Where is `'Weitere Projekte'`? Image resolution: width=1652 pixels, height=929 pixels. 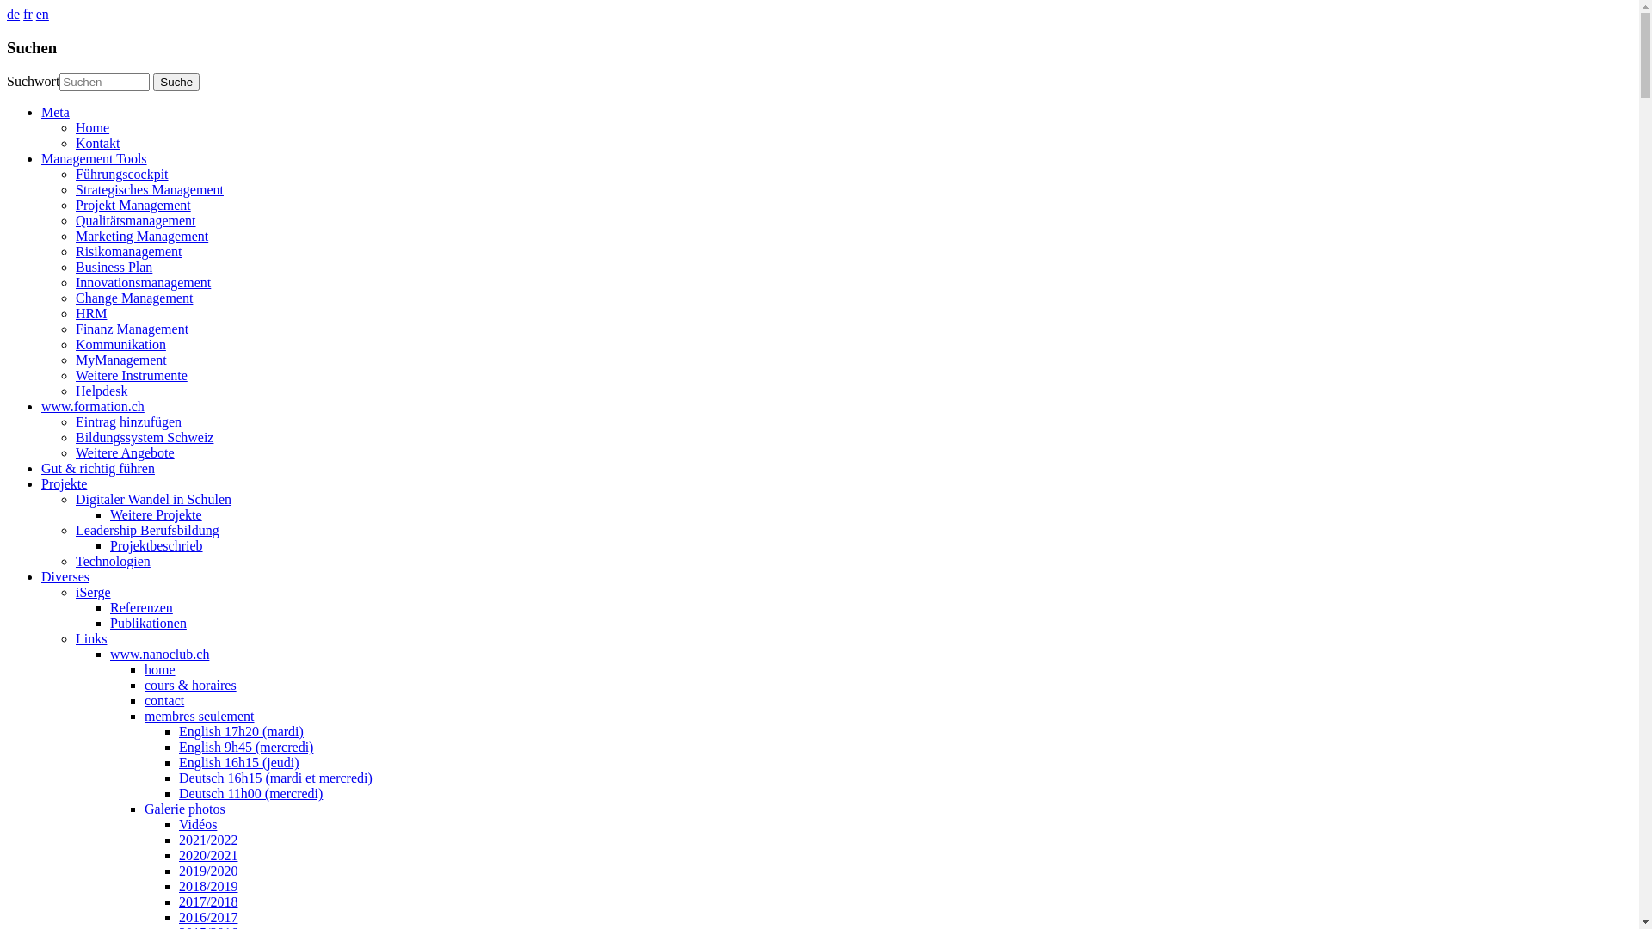 'Weitere Projekte' is located at coordinates (156, 514).